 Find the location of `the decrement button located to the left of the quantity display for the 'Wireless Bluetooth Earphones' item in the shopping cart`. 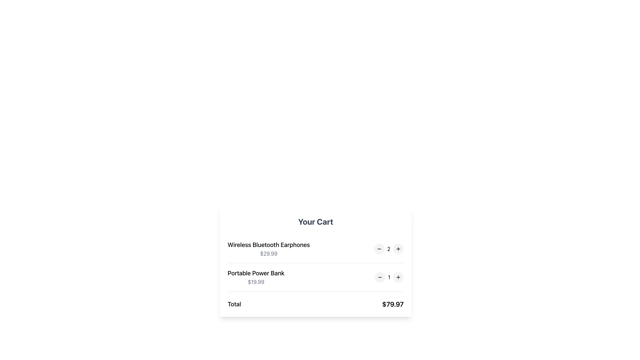

the decrement button located to the left of the quantity display for the 'Wireless Bluetooth Earphones' item in the shopping cart is located at coordinates (379, 249).